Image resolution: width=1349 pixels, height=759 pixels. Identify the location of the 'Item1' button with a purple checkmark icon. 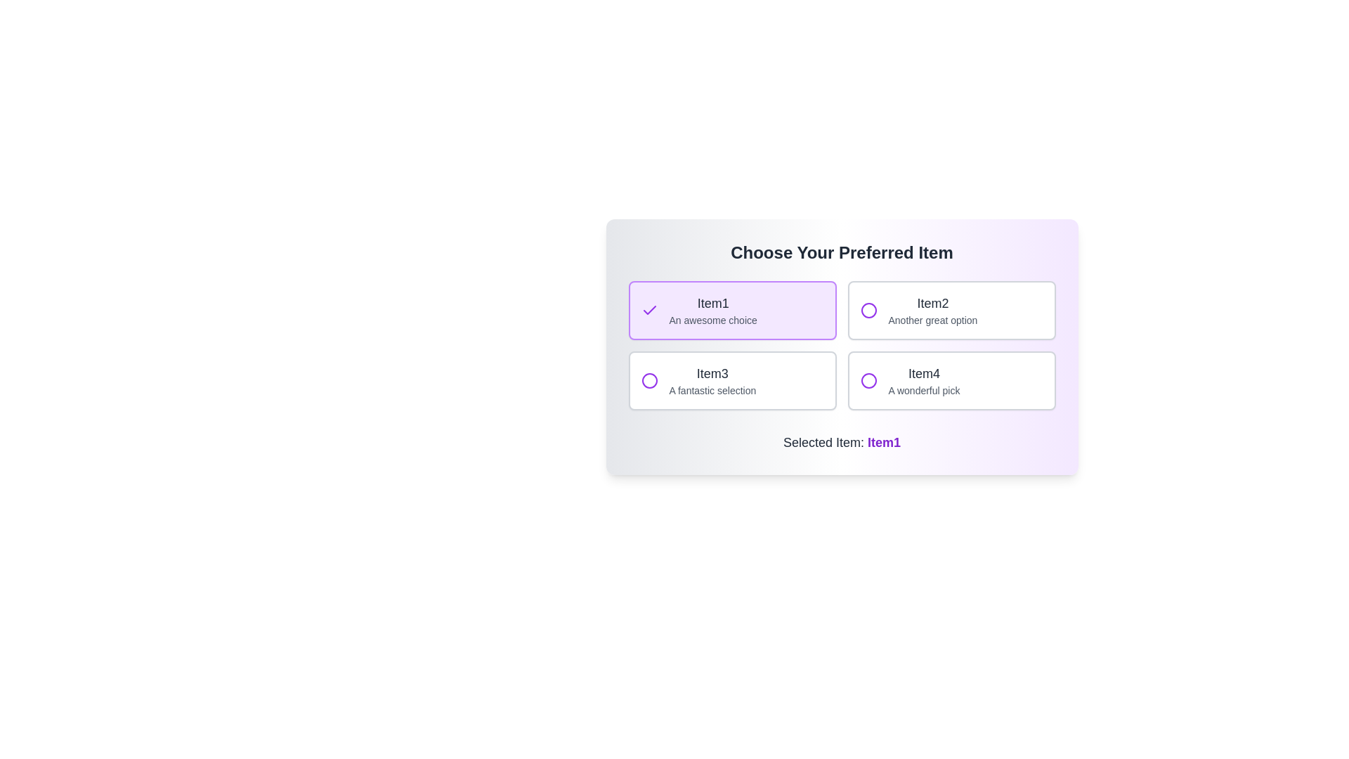
(731, 310).